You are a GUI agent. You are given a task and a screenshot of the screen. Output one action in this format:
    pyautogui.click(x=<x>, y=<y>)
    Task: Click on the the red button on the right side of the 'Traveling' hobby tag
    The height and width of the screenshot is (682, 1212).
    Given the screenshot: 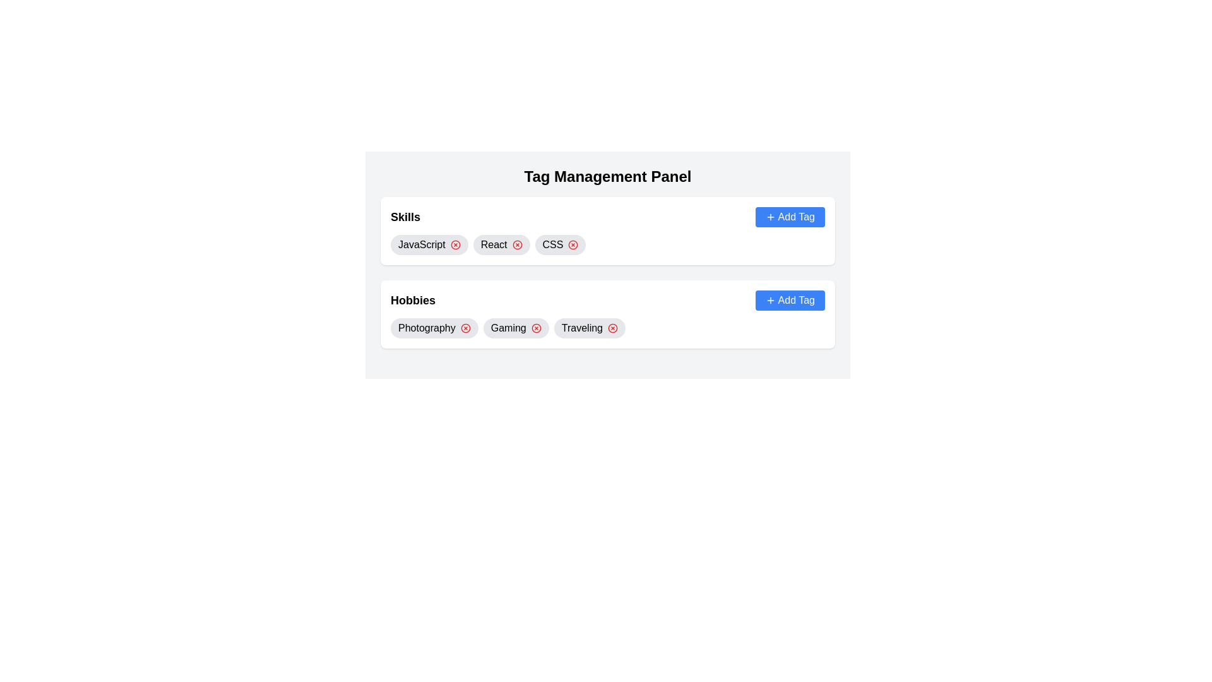 What is the action you would take?
    pyautogui.click(x=589, y=328)
    